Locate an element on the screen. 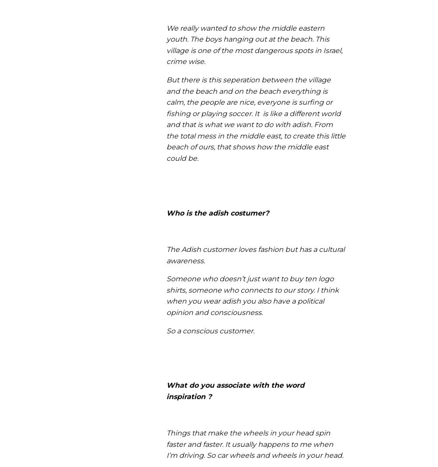 The height and width of the screenshot is (467, 438). 'But there is this seperation between the village and the beach and on the beach everything is calm, the people are nice, everyone is surfing or fishing or playing soccer. It  is like a different world and that is what we want to do with adish.' is located at coordinates (253, 102).